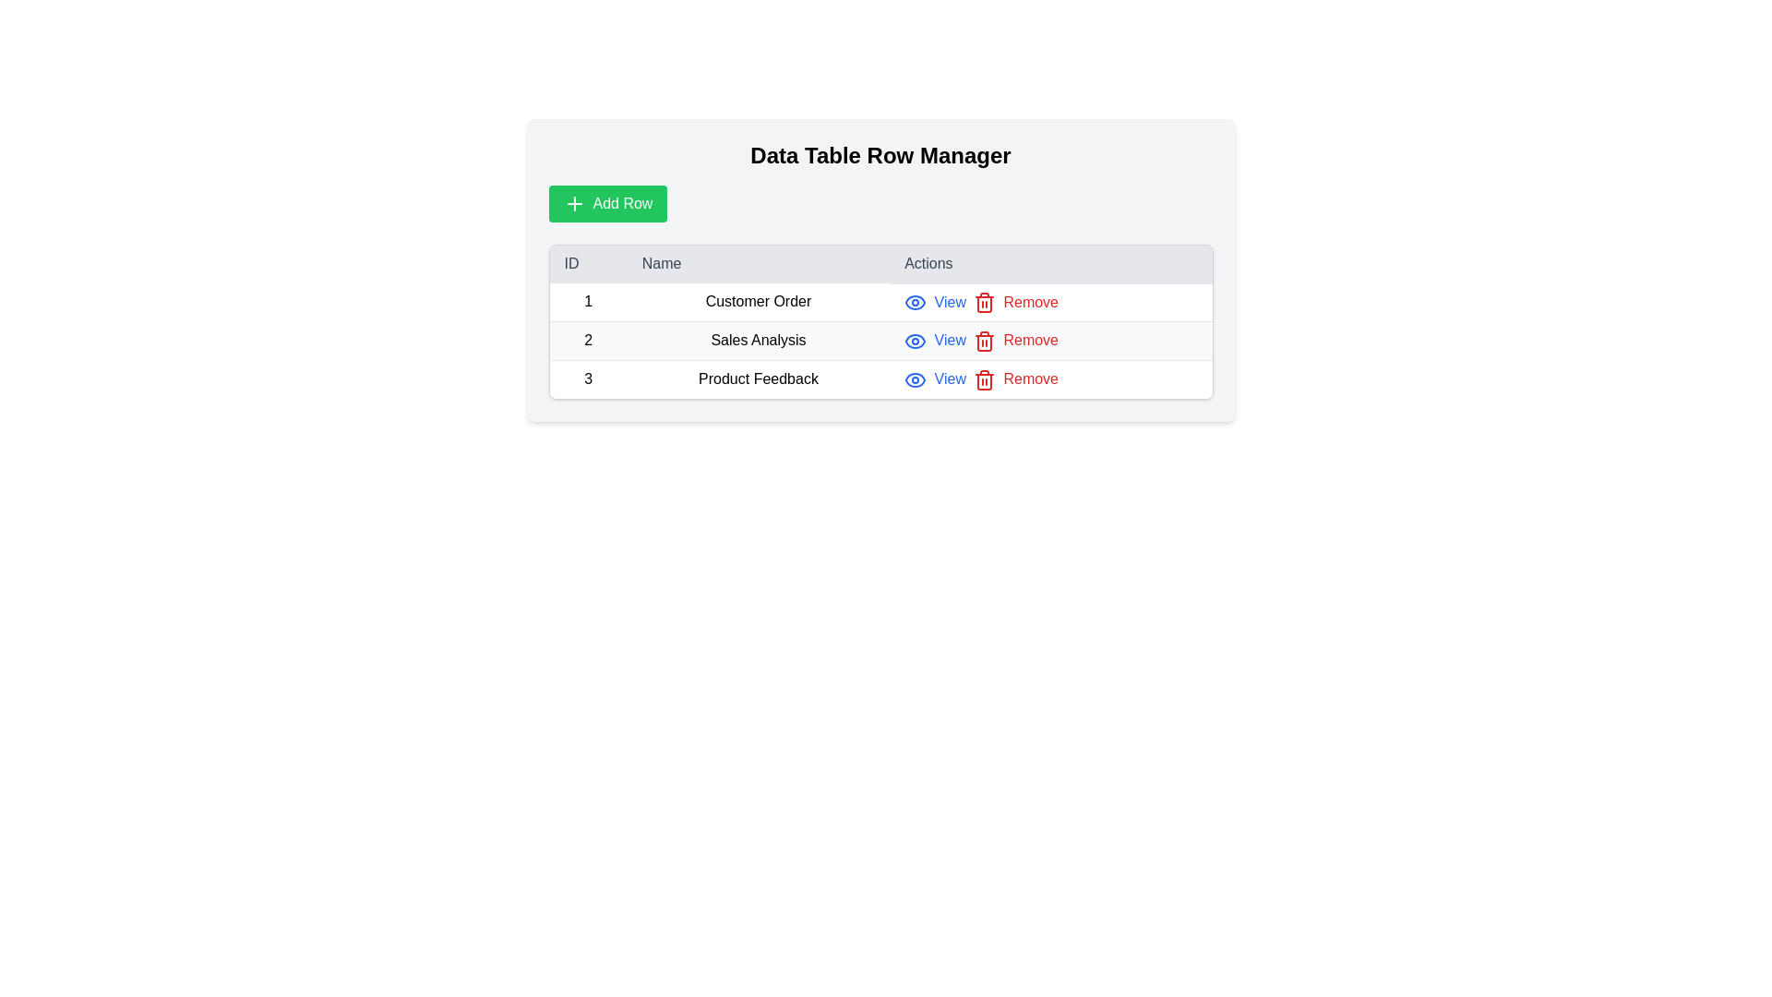 The image size is (1772, 997). What do you see at coordinates (880, 320) in the screenshot?
I see `the blue 'View' link in the structured table labeled 'Data Table Row Manager'` at bounding box center [880, 320].